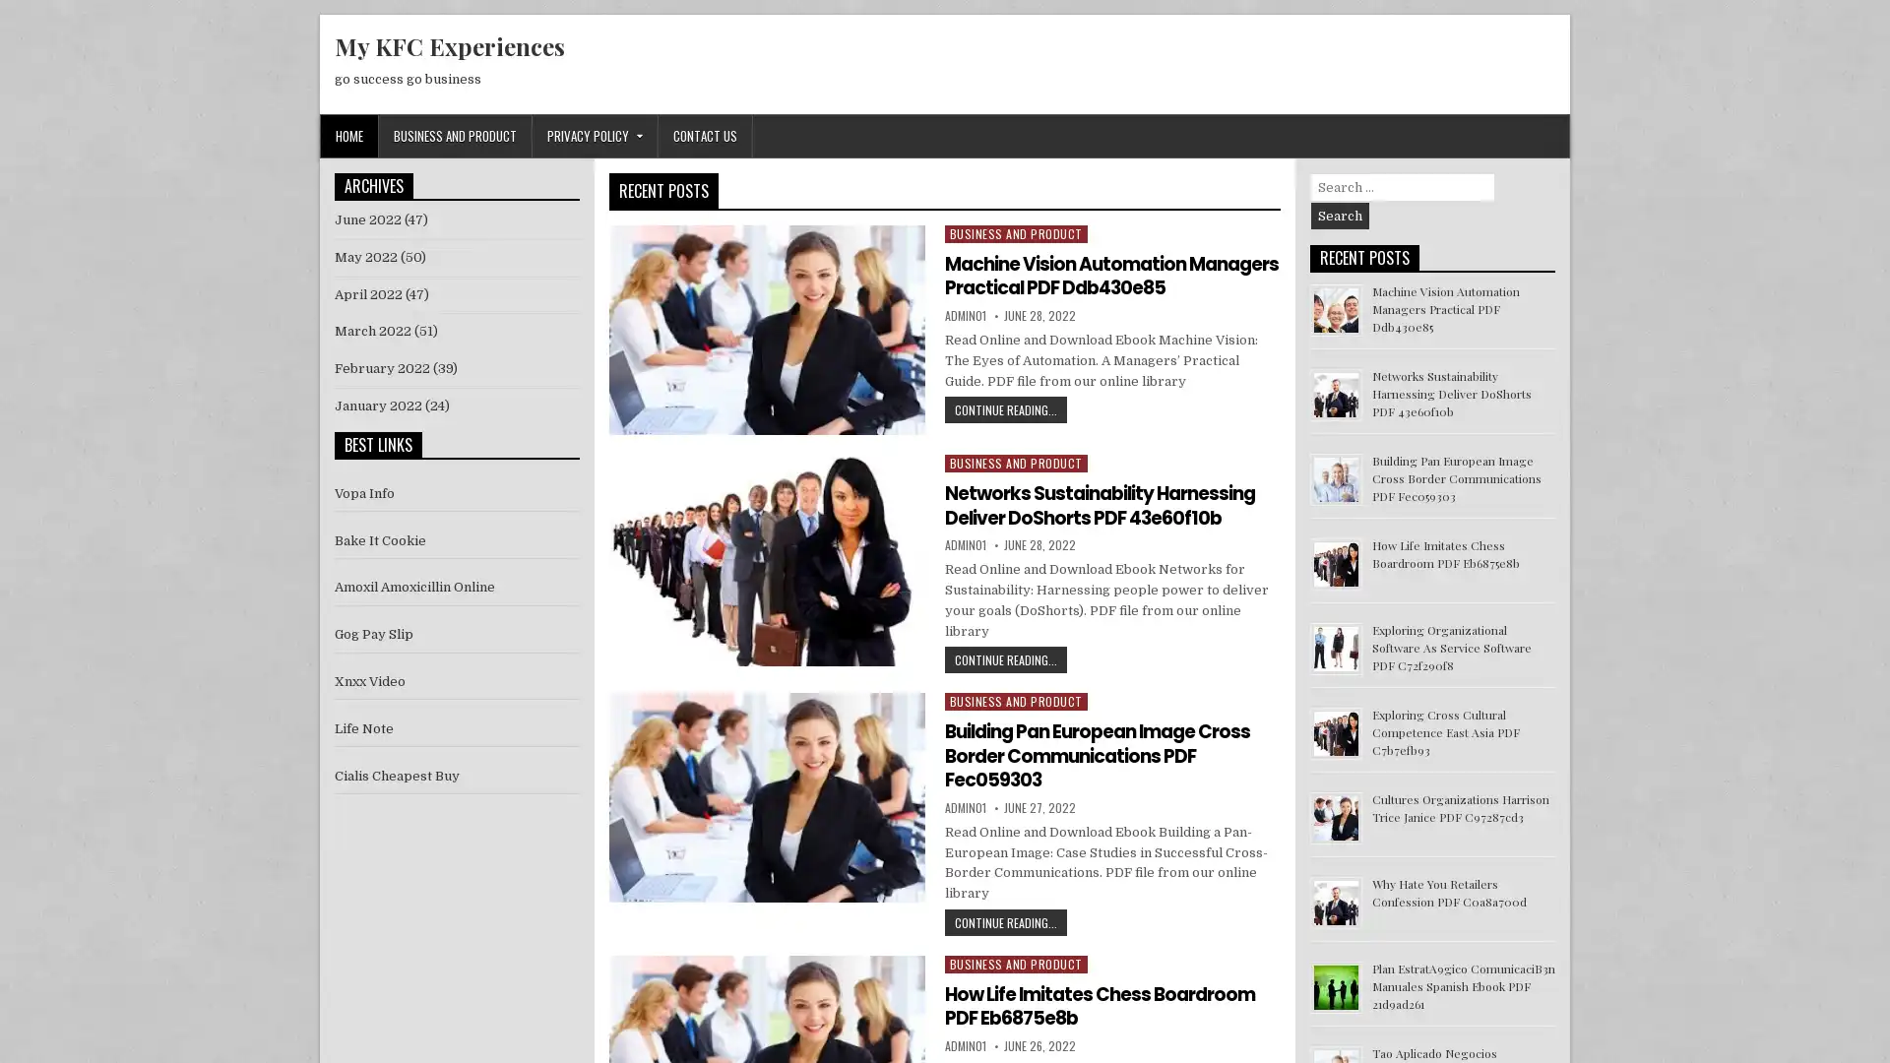 The width and height of the screenshot is (1890, 1063). I want to click on Search, so click(1339, 216).